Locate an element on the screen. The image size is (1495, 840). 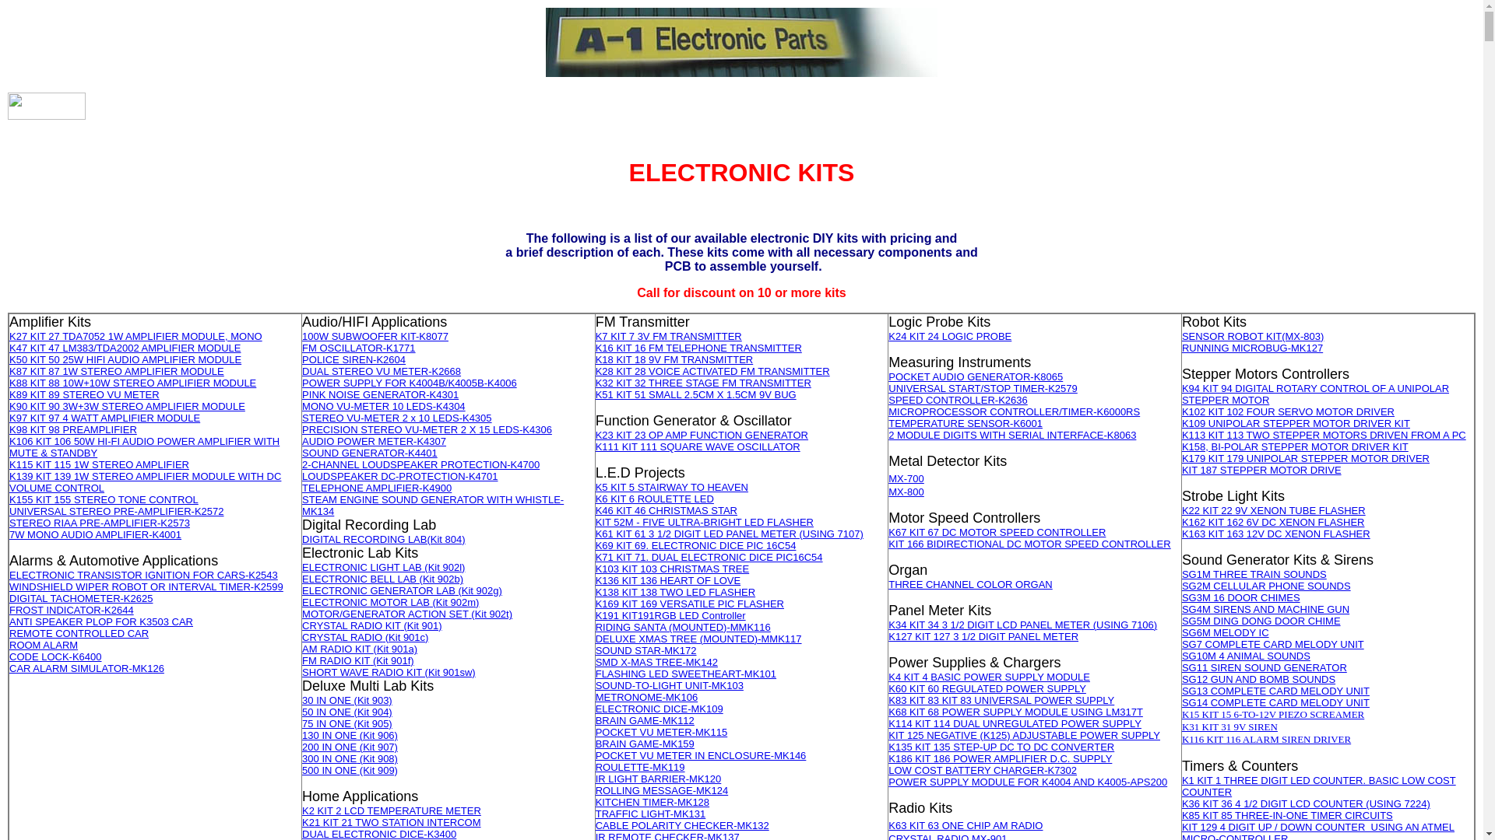
'TELEPHONE AMPLIFIER-K4900' is located at coordinates (377, 487).